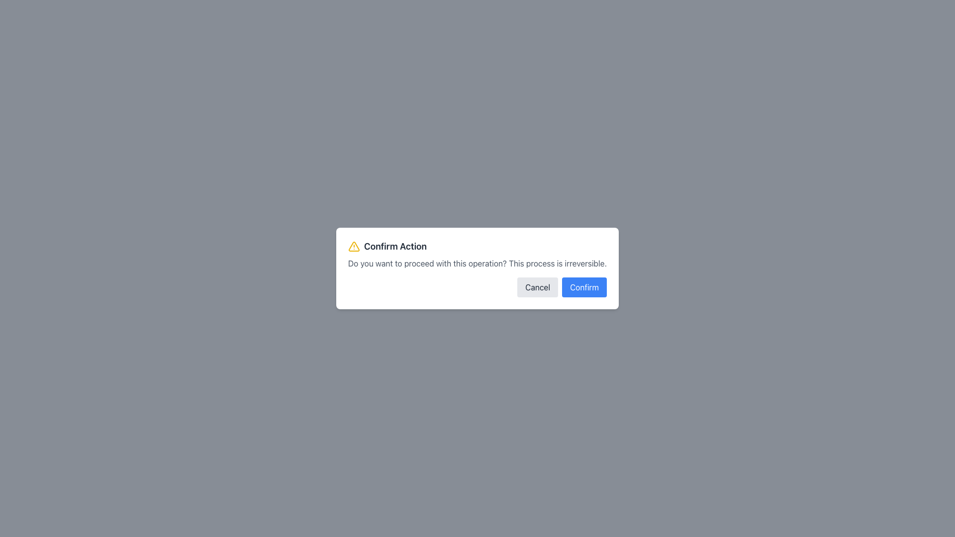  I want to click on the confirmation button located at the bottom-right of the modal dialog, so click(584, 287).